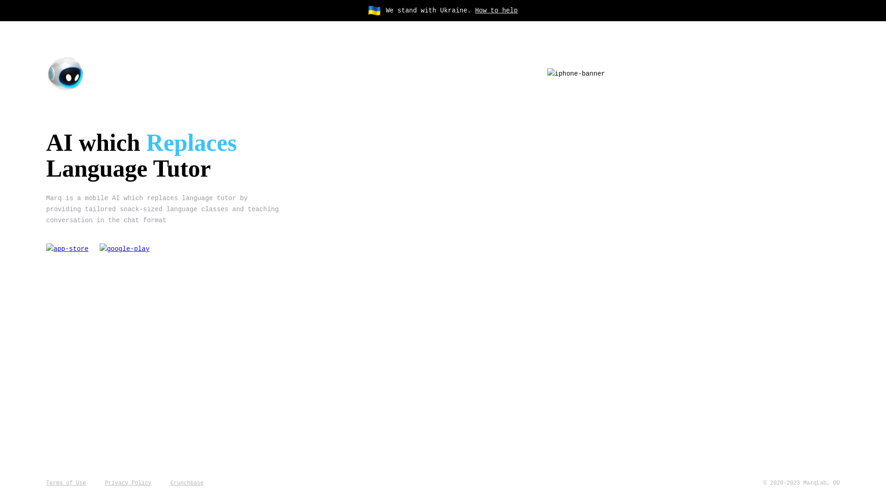 The width and height of the screenshot is (886, 498). I want to click on 'Terms of Use', so click(66, 483).